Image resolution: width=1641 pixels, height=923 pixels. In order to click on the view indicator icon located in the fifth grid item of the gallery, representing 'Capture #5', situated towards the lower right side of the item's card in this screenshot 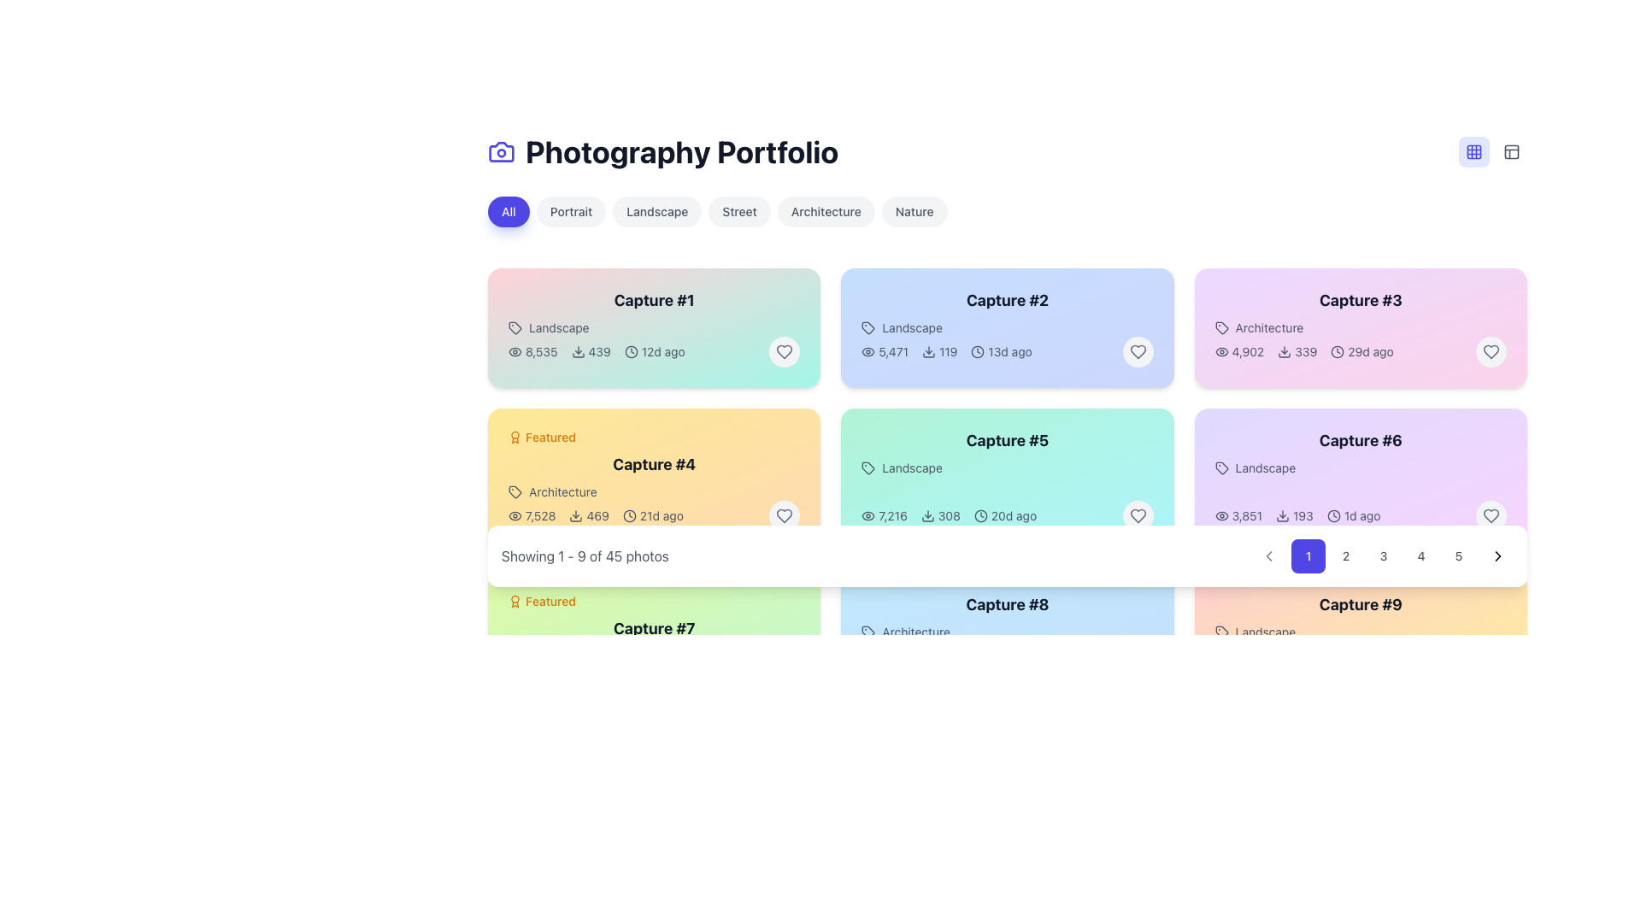, I will do `click(868, 515)`.